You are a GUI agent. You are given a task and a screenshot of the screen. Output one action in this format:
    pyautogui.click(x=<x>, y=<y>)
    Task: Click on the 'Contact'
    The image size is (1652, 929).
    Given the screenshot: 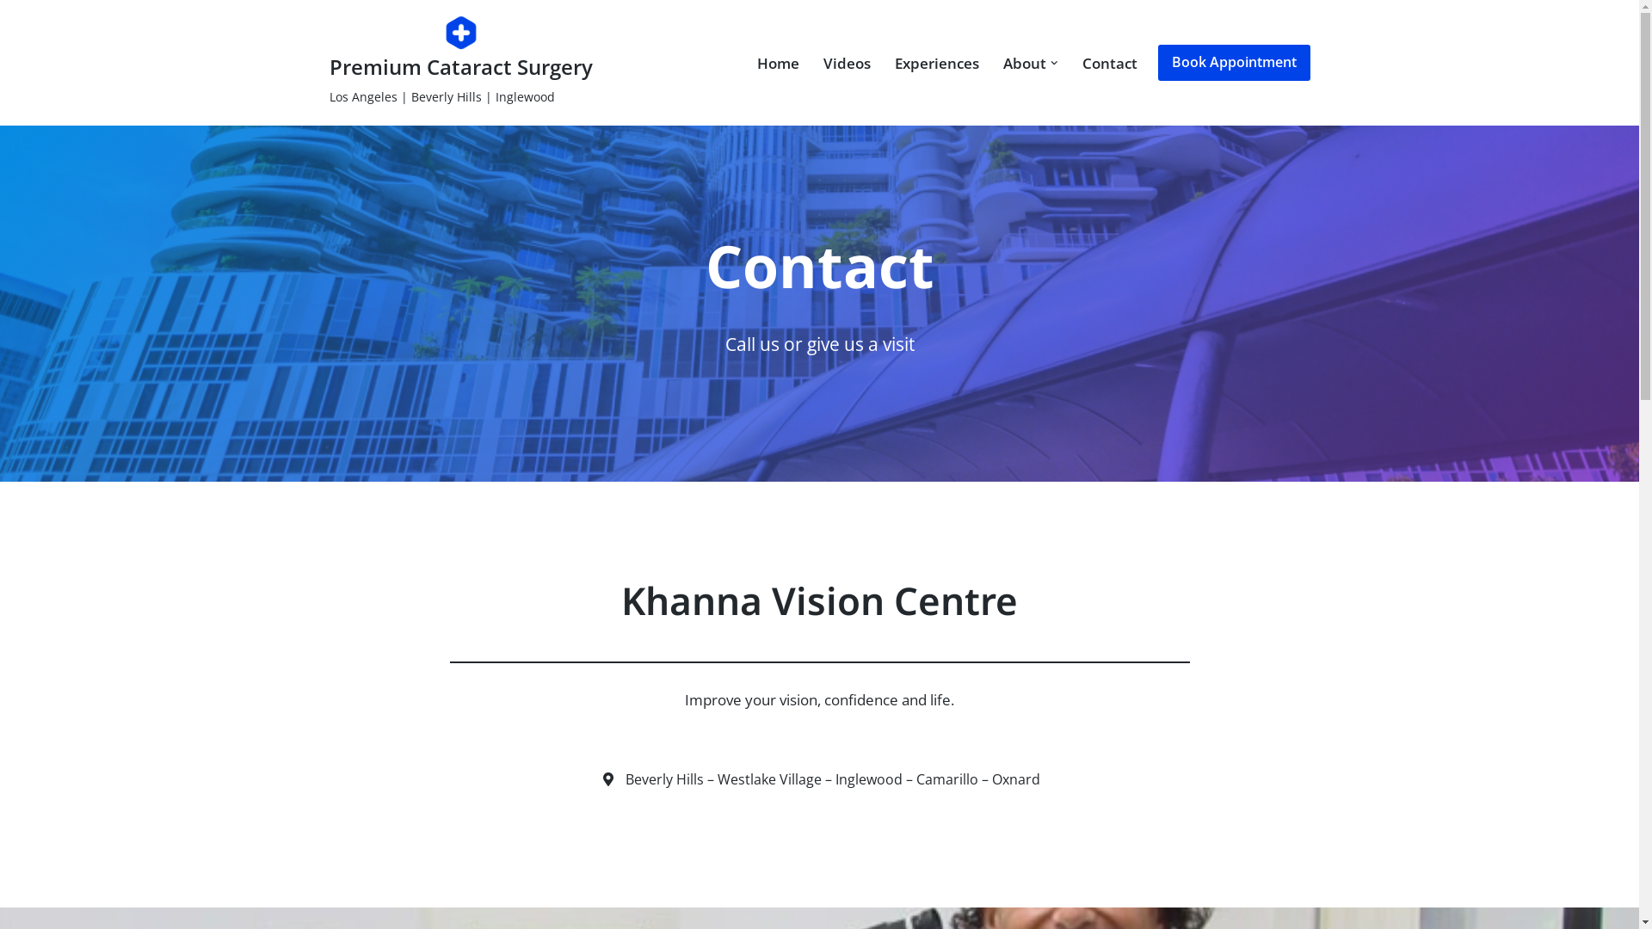 What is the action you would take?
    pyautogui.click(x=1081, y=62)
    